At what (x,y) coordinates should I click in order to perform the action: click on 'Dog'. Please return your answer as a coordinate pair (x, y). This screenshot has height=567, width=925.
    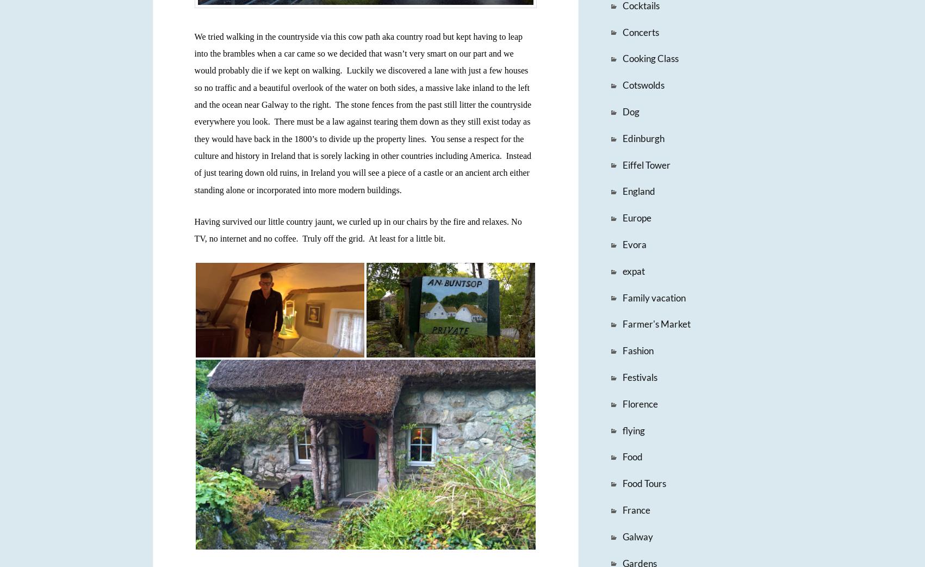
    Looking at the image, I should click on (630, 111).